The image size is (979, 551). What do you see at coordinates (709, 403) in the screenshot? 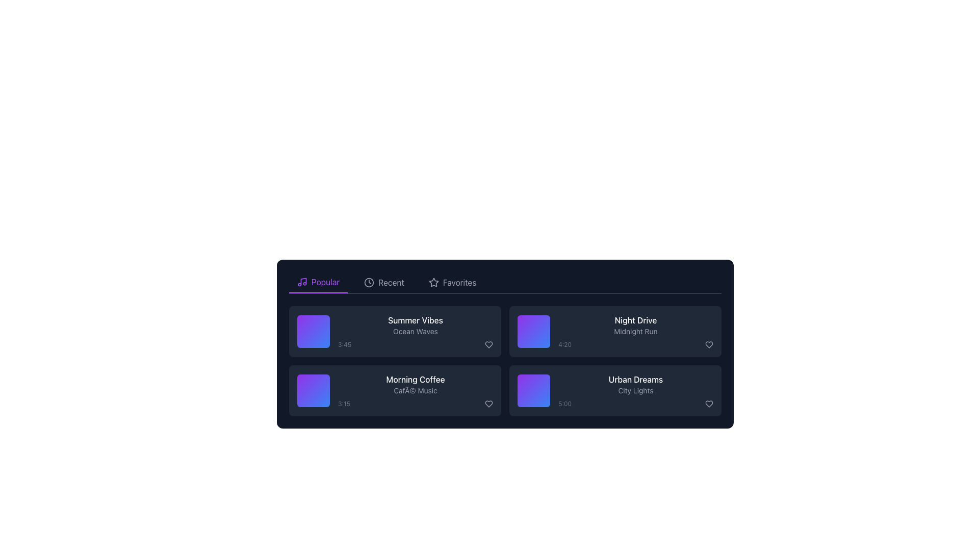
I see `the heart-shaped icon representing 'like' or 'favorite' adjacent to the text 'Urban Dreams' to mark it as 'favorite'` at bounding box center [709, 403].